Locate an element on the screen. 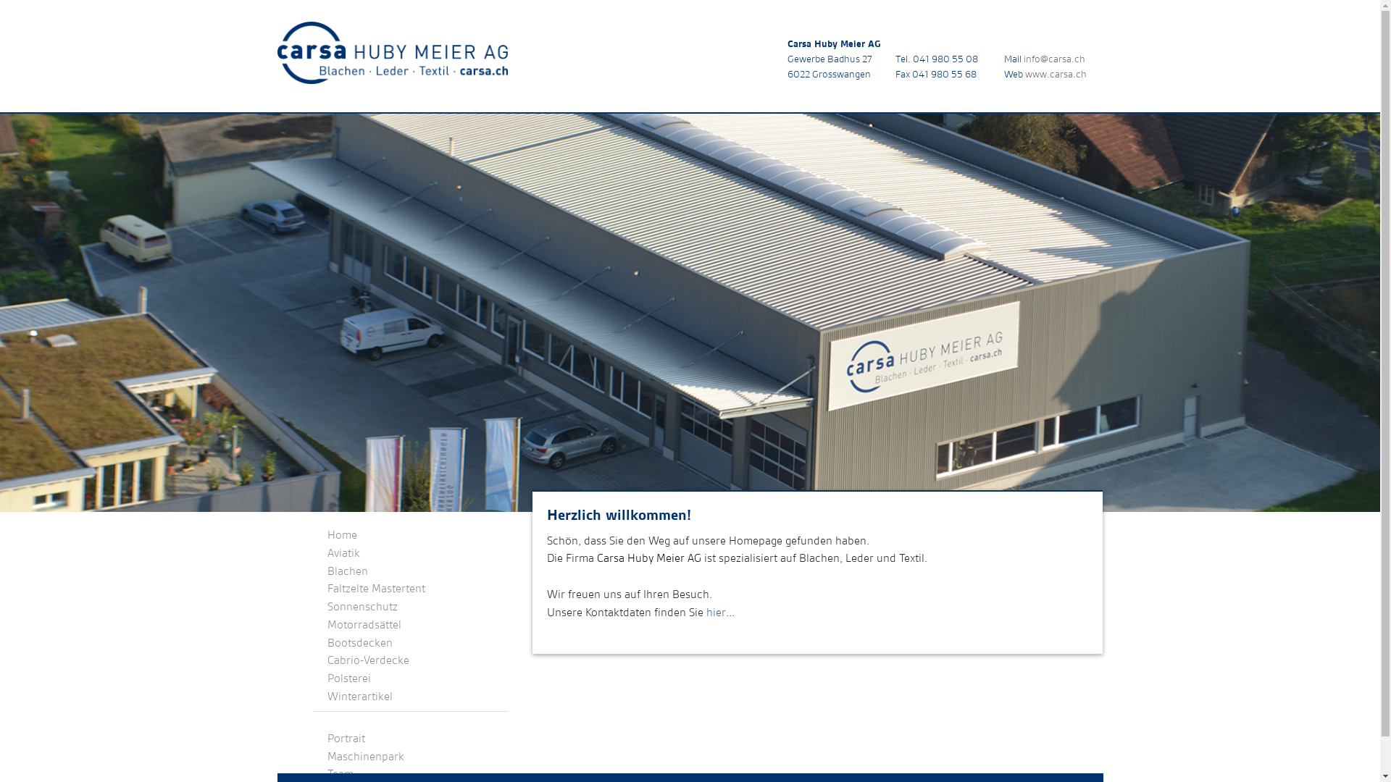 This screenshot has width=1391, height=782. 'hier' is located at coordinates (716, 612).